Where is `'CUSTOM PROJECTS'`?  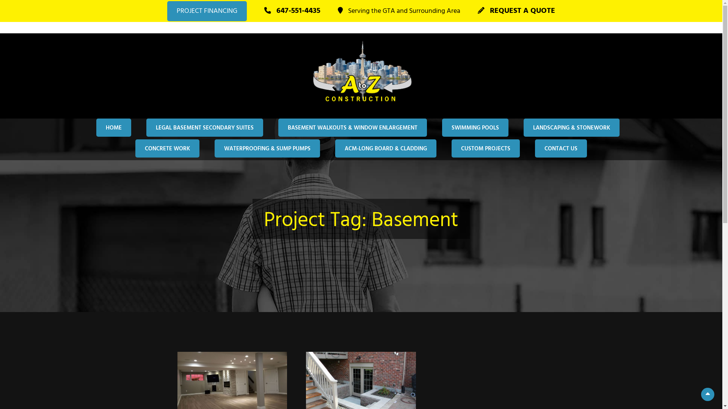 'CUSTOM PROJECTS' is located at coordinates (486, 148).